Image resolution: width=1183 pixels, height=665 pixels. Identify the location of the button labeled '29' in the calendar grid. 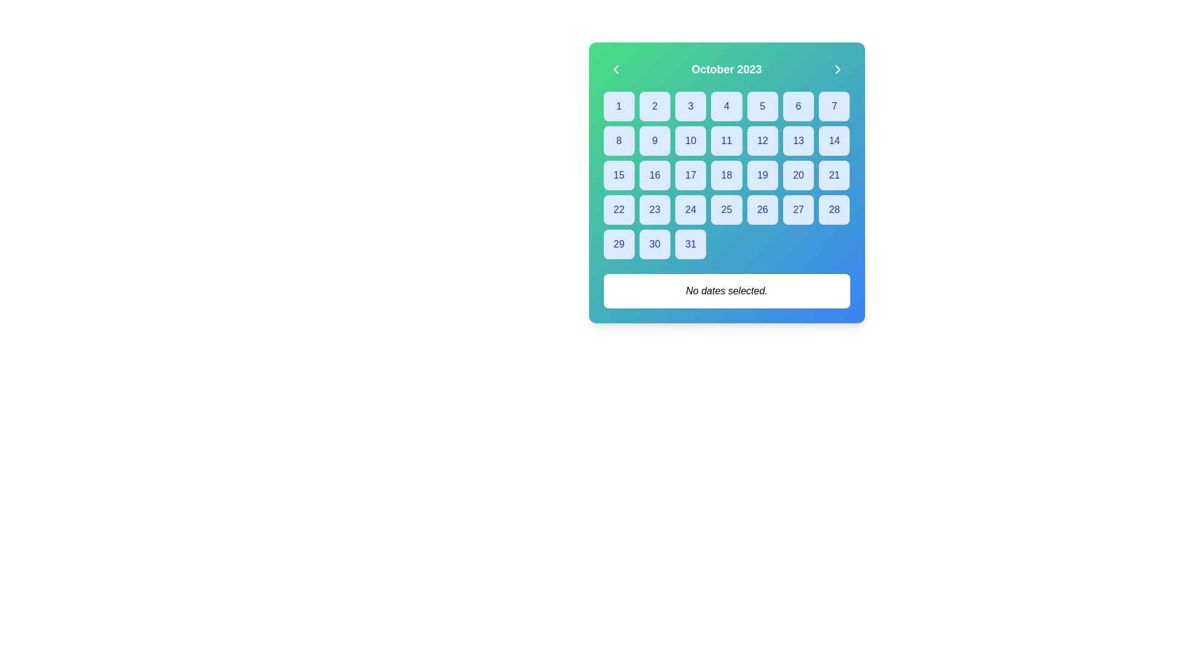
(619, 244).